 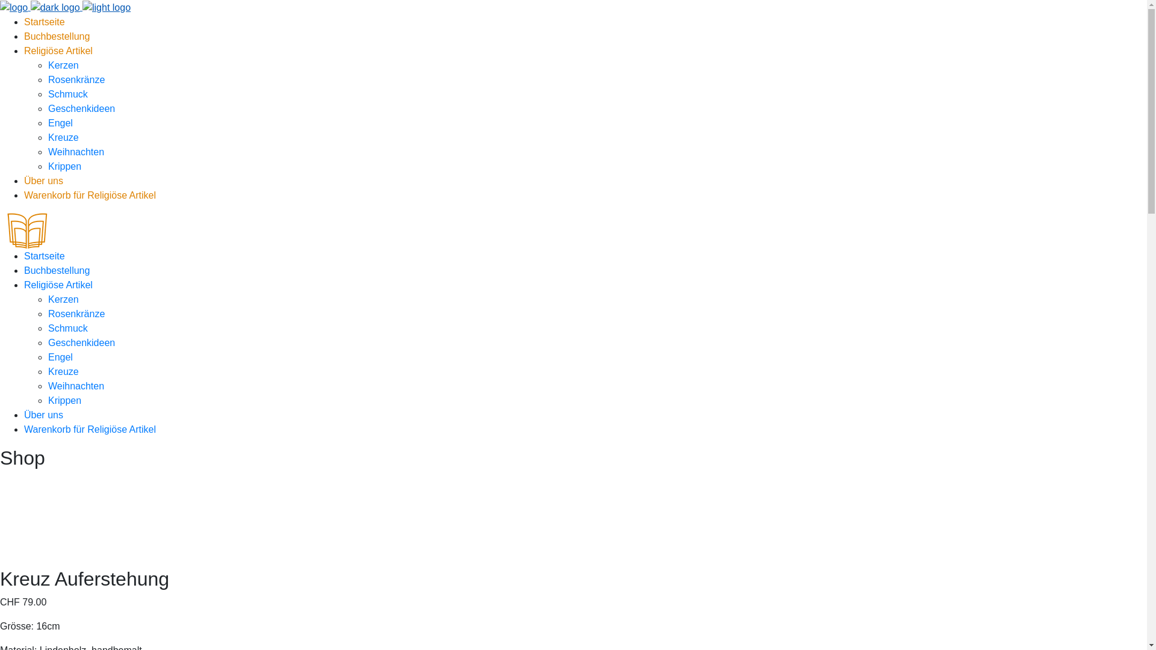 I want to click on 'Buchbestellung', so click(x=56, y=270).